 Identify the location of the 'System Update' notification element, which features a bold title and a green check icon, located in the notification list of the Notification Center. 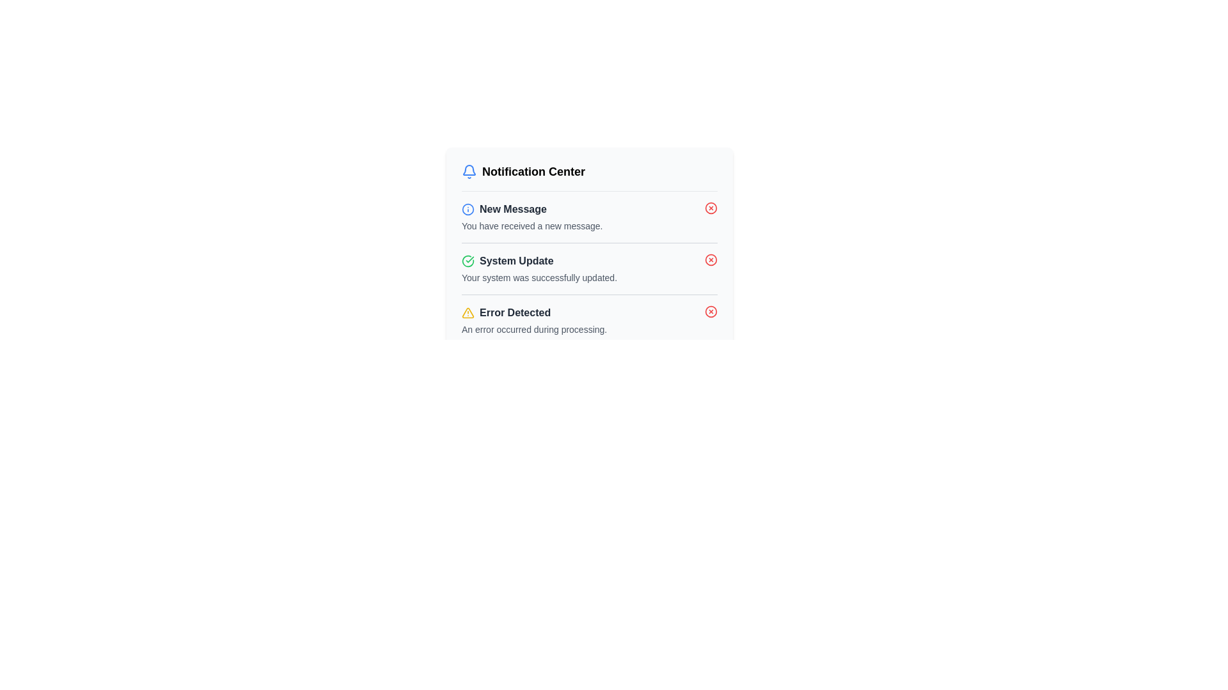
(539, 268).